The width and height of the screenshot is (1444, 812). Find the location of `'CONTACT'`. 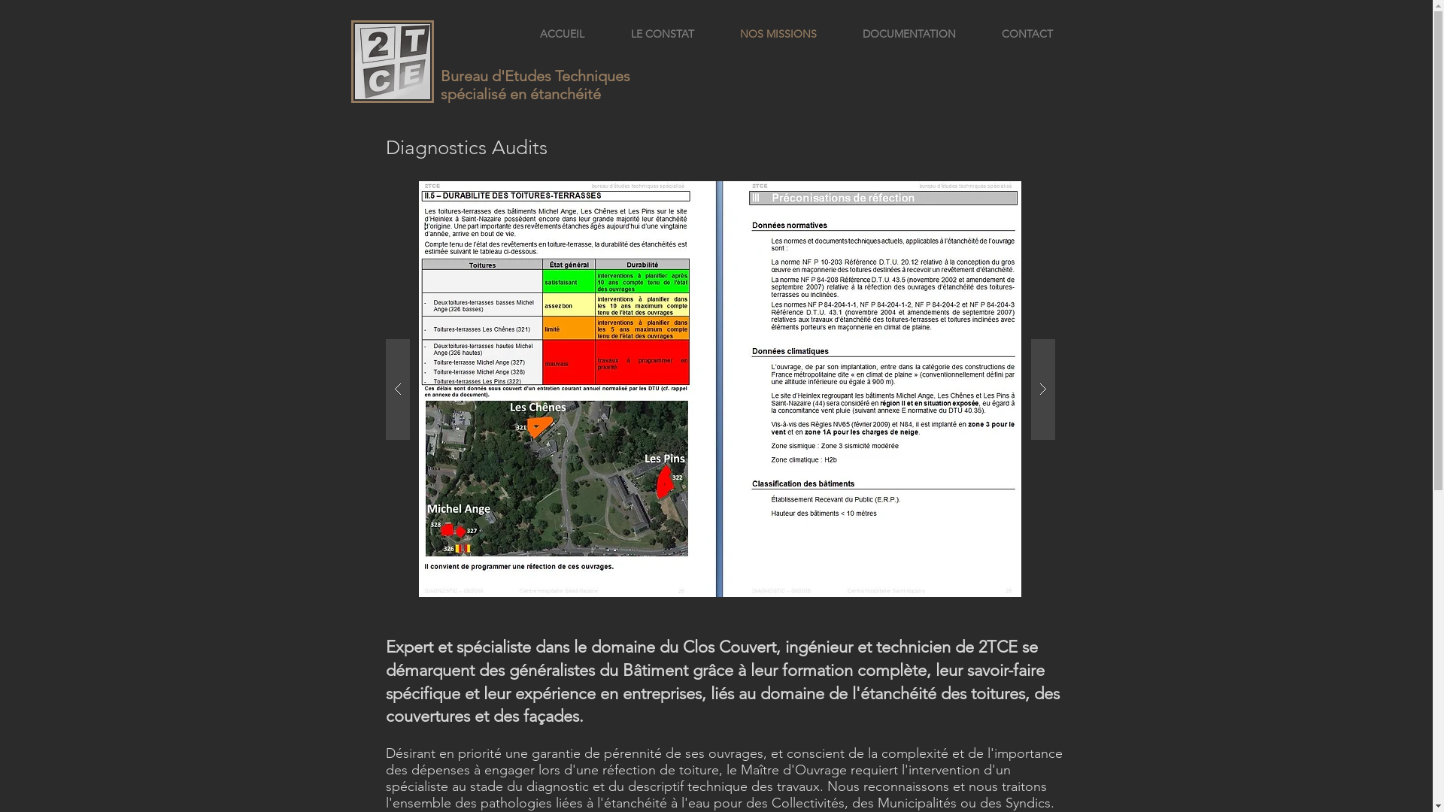

'CONTACT' is located at coordinates (1027, 34).